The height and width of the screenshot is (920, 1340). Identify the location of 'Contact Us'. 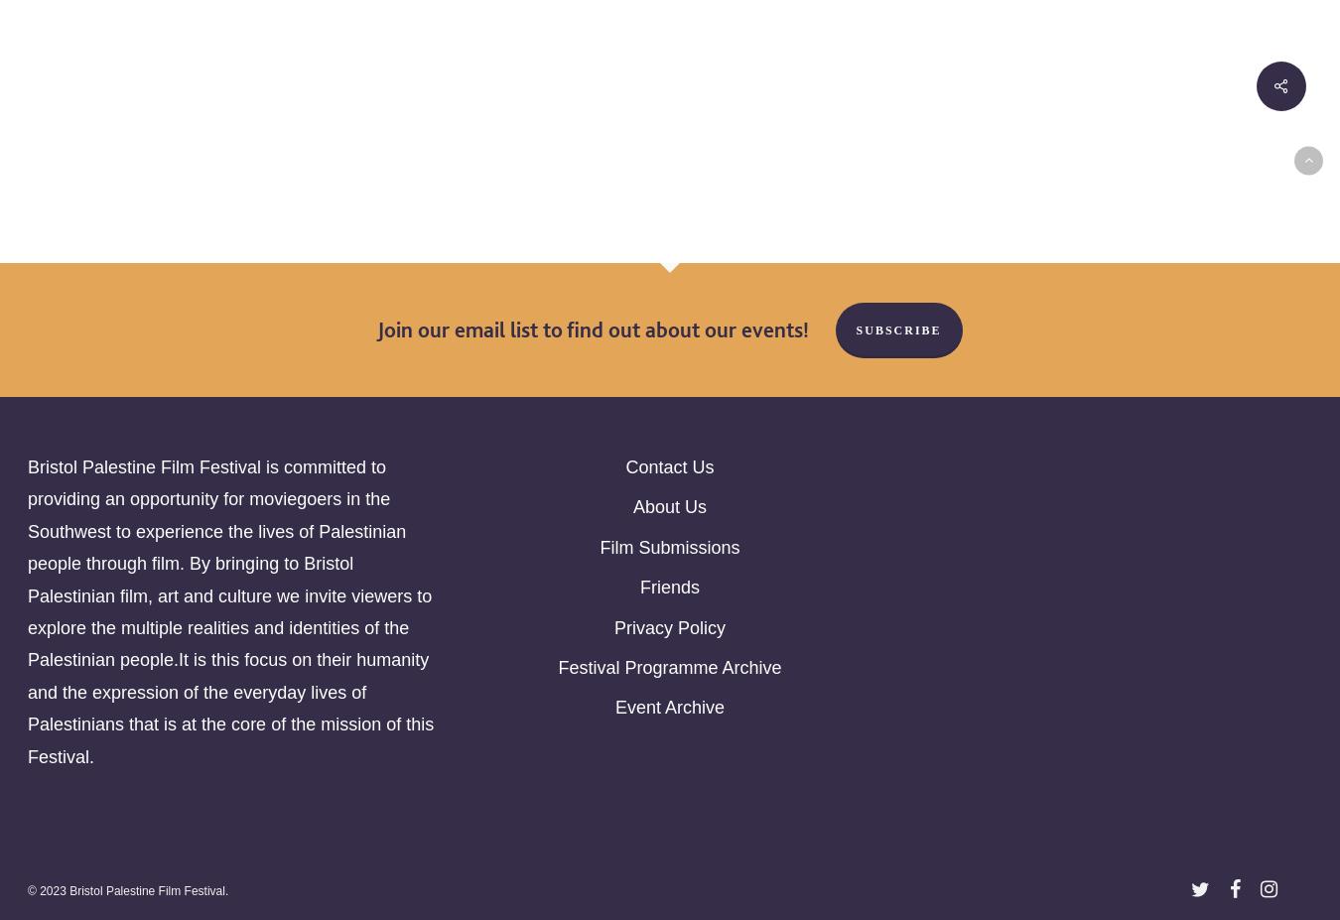
(669, 467).